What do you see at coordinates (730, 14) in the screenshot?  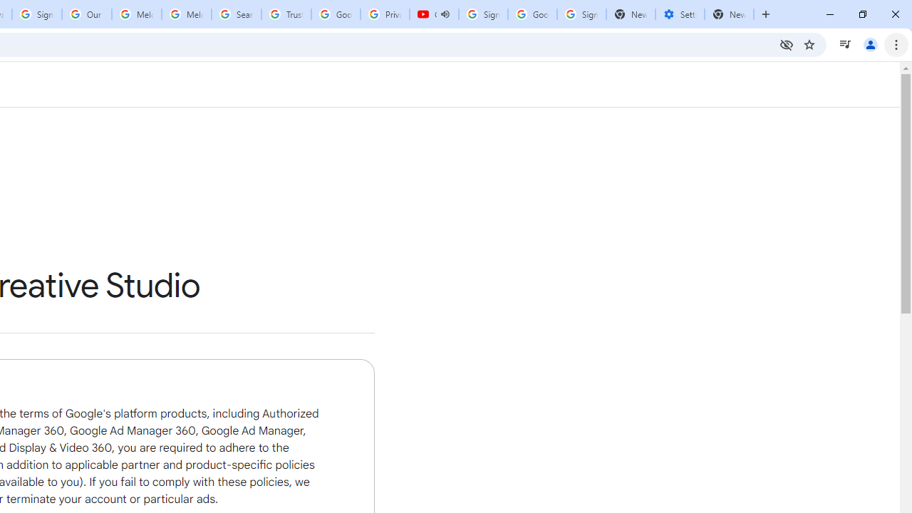 I see `'New Tab'` at bounding box center [730, 14].